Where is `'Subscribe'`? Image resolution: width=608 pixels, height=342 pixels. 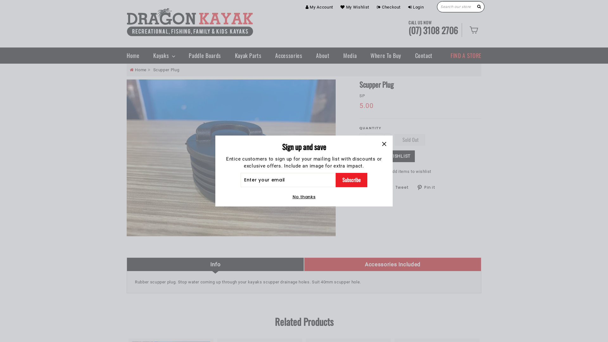
'Subscribe' is located at coordinates (351, 180).